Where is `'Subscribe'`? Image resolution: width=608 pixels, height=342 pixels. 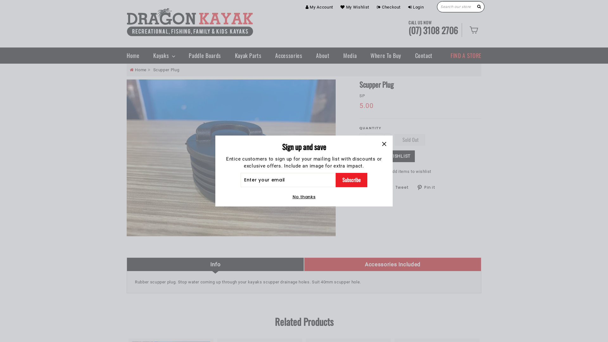
'Subscribe' is located at coordinates (351, 180).